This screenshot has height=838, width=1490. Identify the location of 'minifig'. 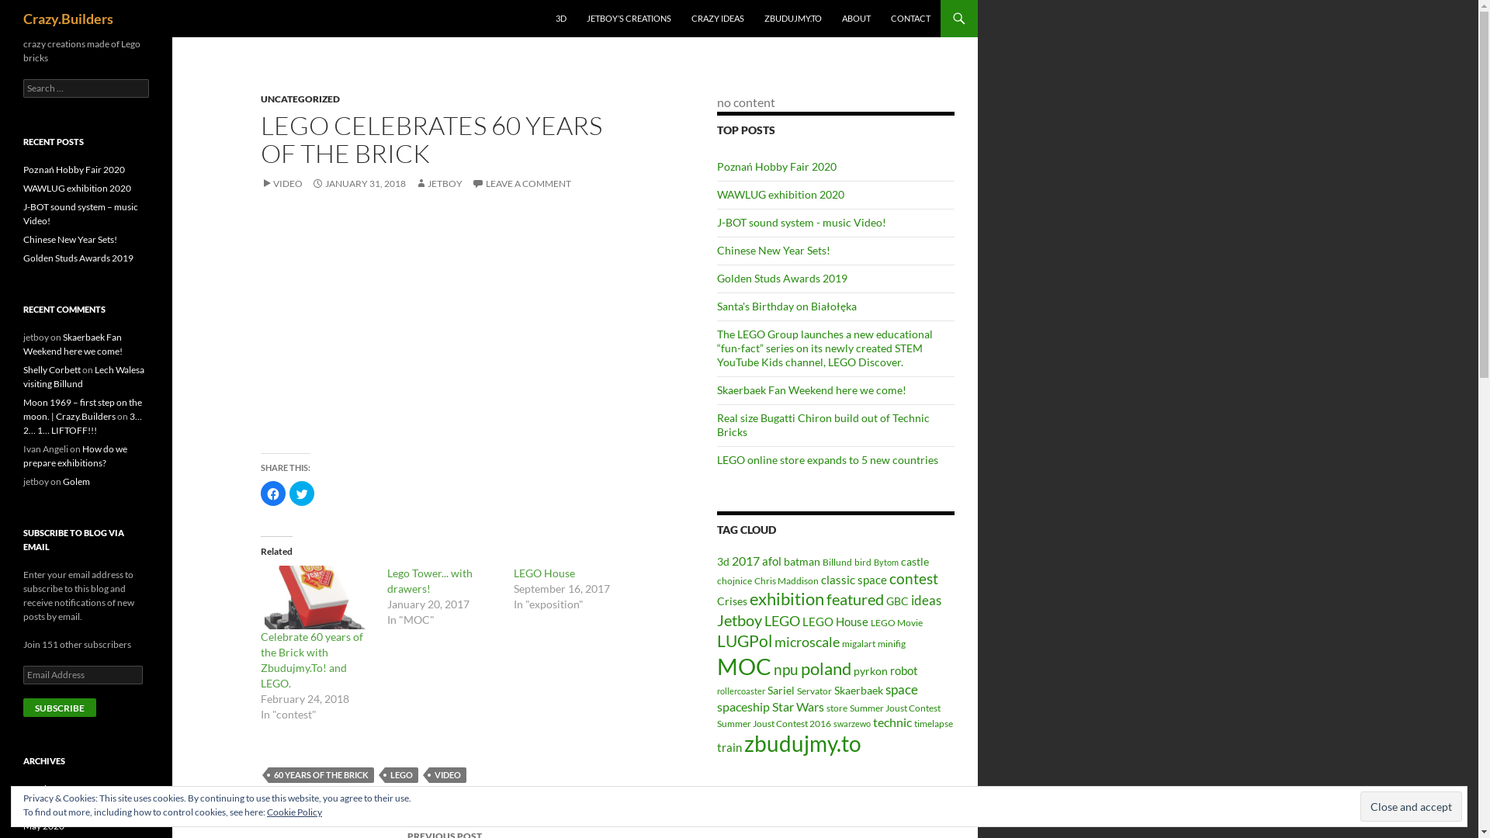
(891, 643).